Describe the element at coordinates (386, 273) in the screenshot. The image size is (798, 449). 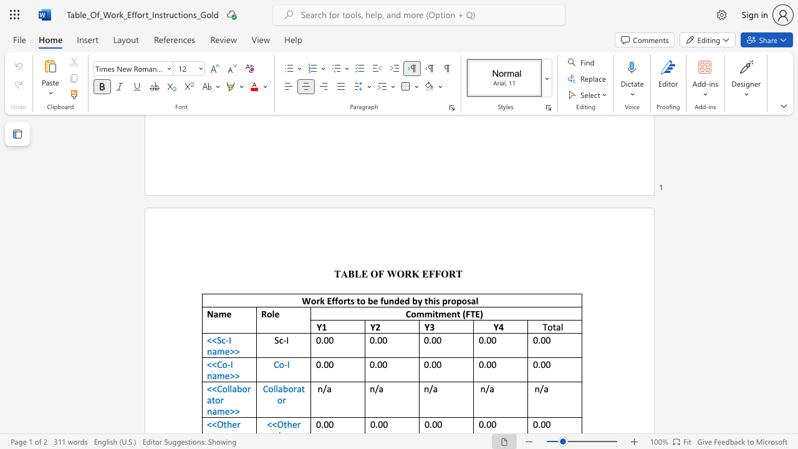
I see `the subset text "WORK E" within the text "TABLE OF WORK EFFORT"` at that location.